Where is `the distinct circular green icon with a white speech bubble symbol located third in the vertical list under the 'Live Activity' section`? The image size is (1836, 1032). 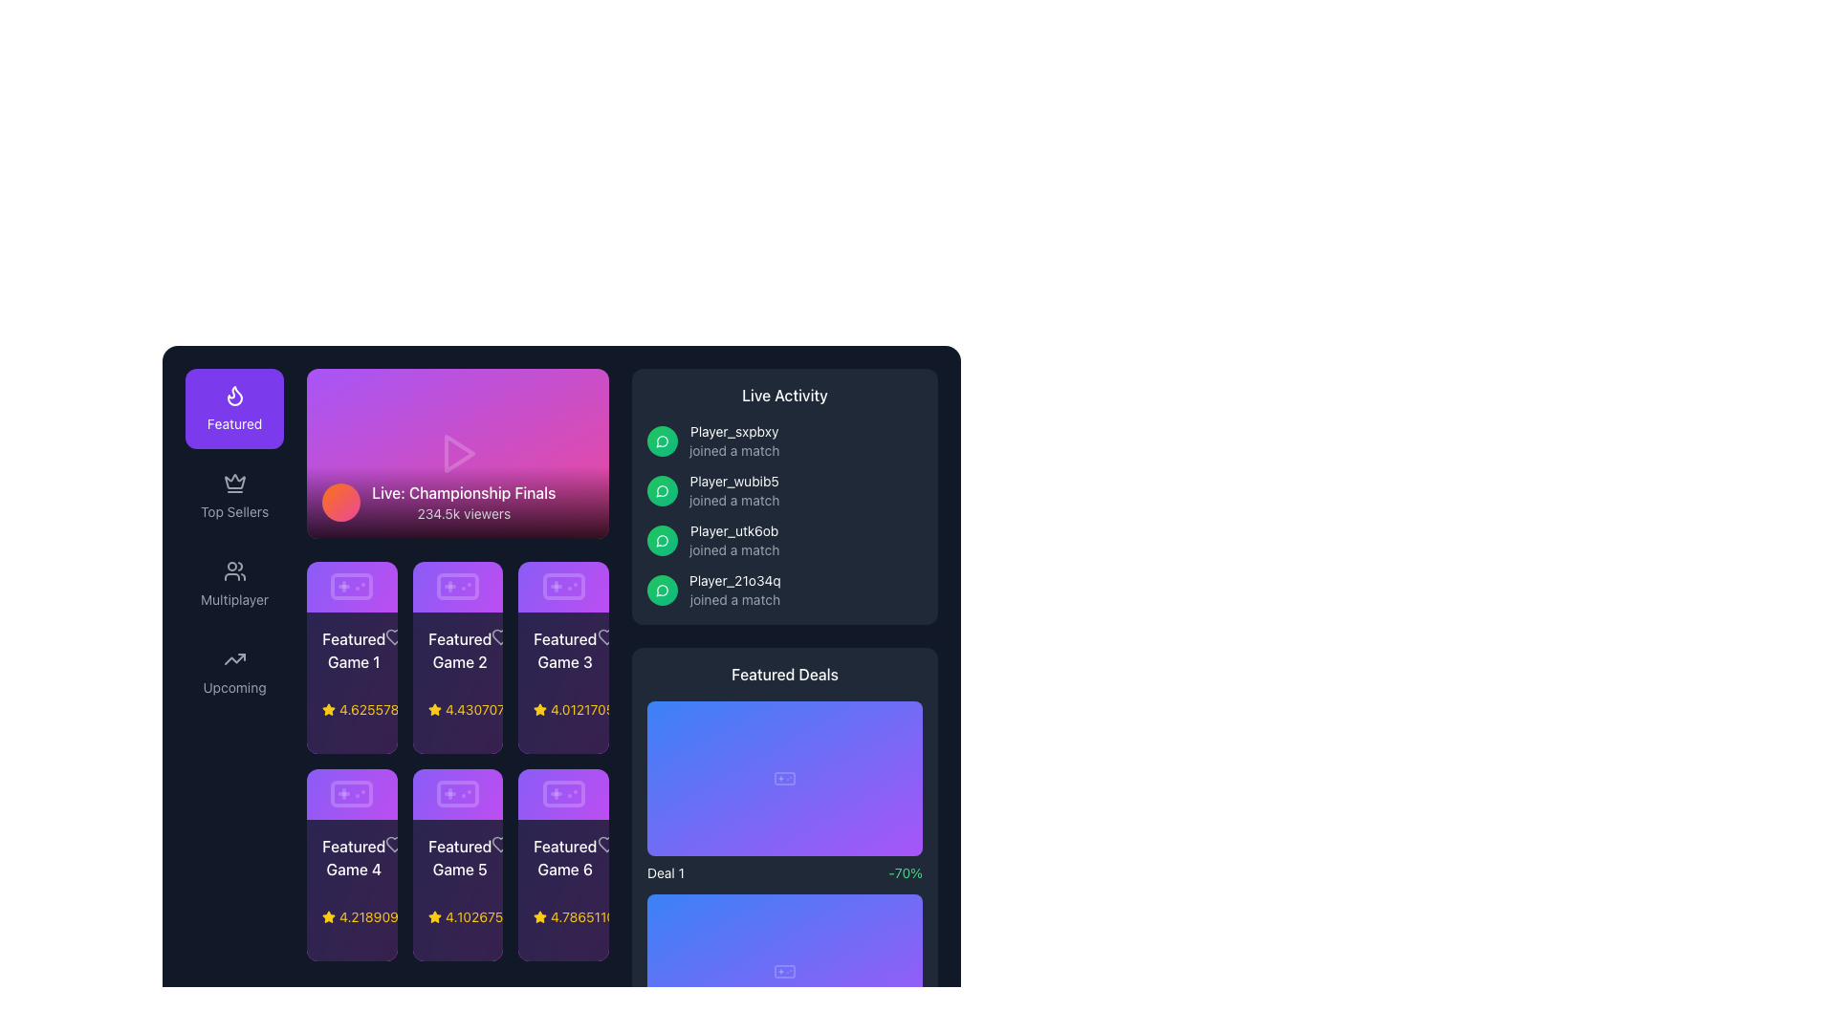 the distinct circular green icon with a white speech bubble symbol located third in the vertical list under the 'Live Activity' section is located at coordinates (662, 541).